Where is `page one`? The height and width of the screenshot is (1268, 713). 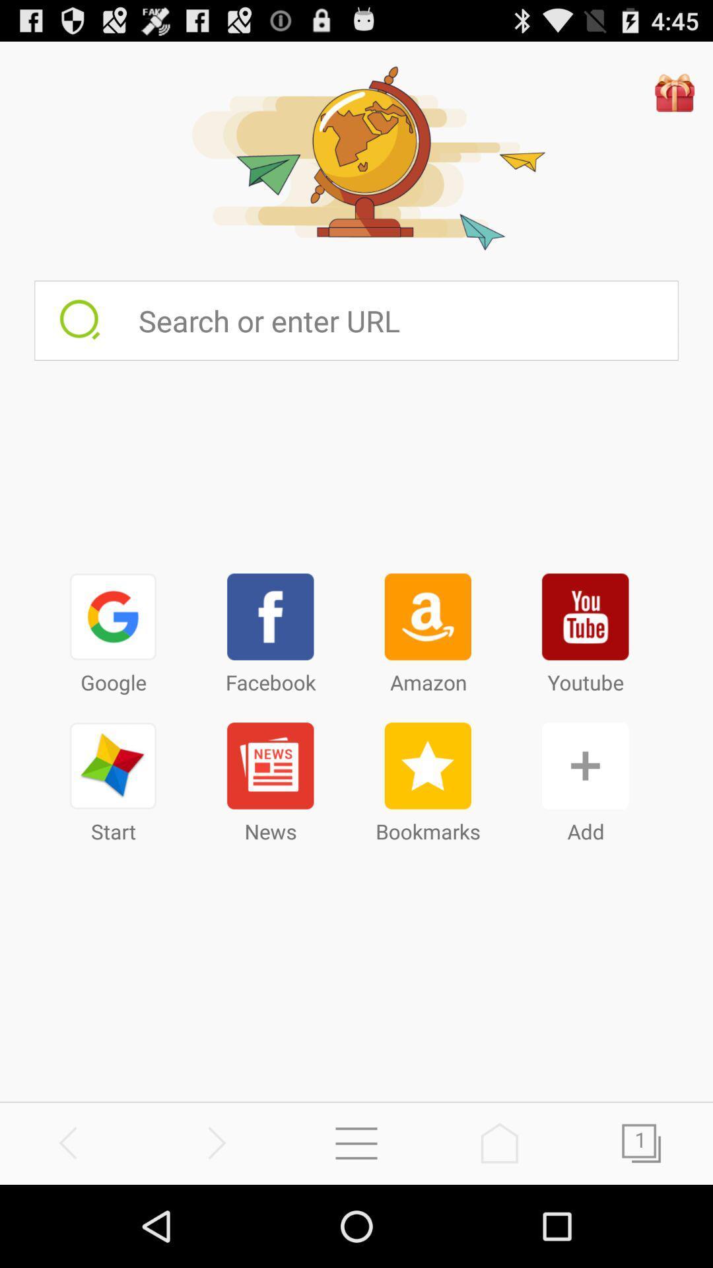 page one is located at coordinates (641, 1143).